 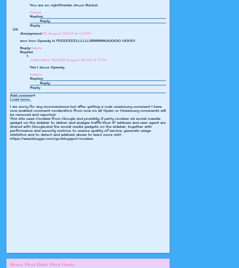 I want to click on 'You are so right!thanks Jim,xx Rachel', so click(x=29, y=5).